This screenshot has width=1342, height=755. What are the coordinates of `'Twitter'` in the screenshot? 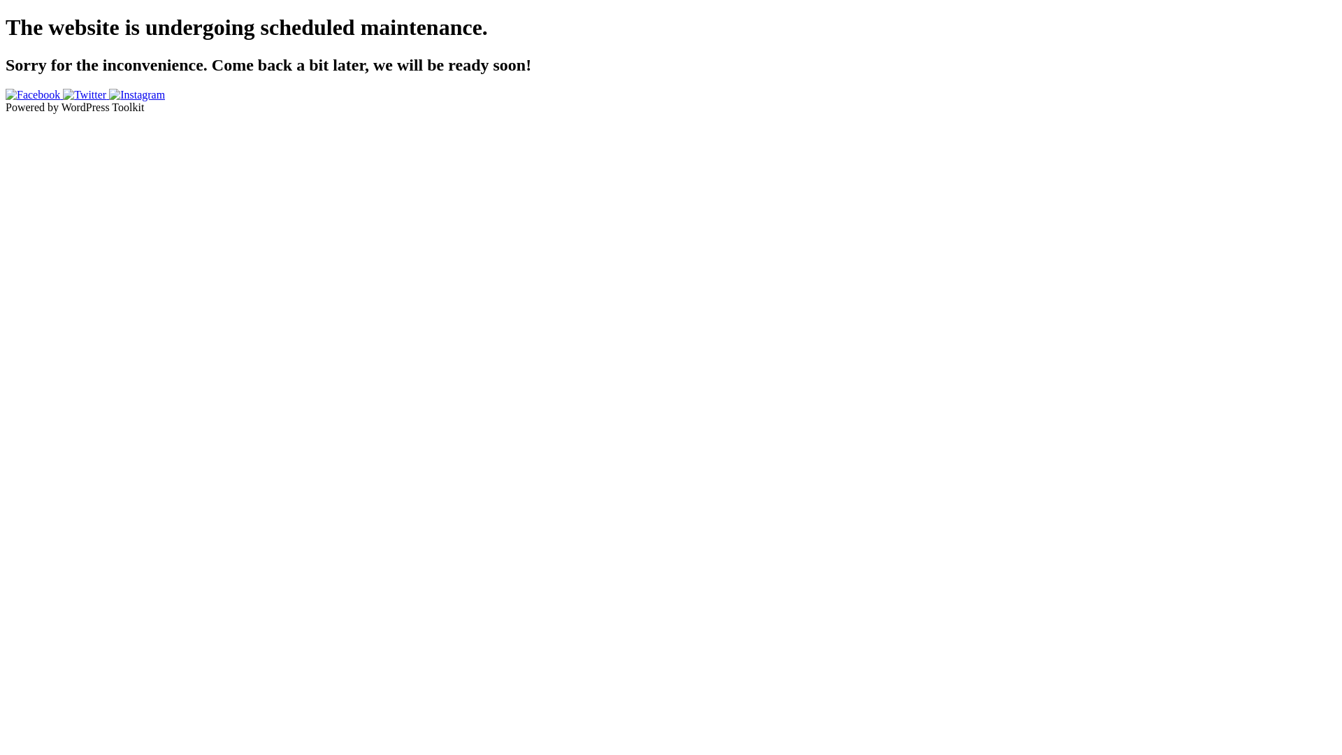 It's located at (85, 94).